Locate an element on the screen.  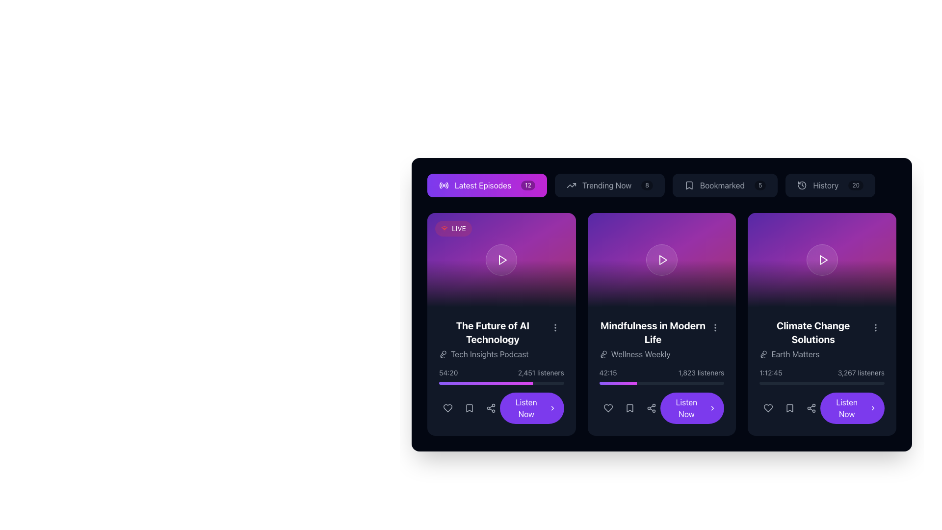
the button with three vertically aligned dots located at the top-right of the card titled 'The Future of AI Technology' is located at coordinates (555, 327).